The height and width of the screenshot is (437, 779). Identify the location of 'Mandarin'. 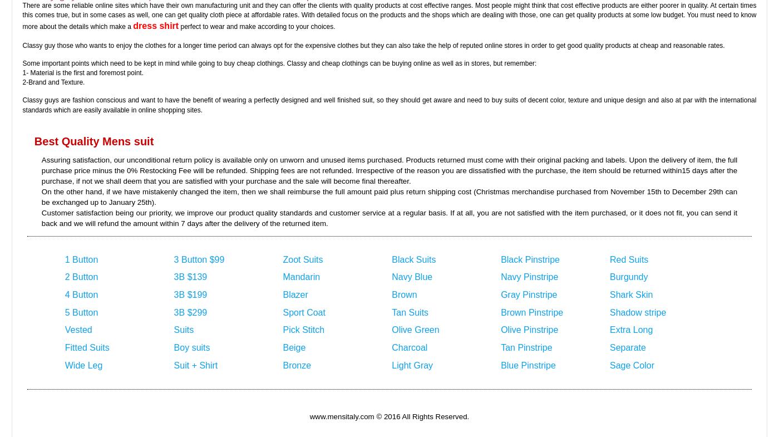
(301, 277).